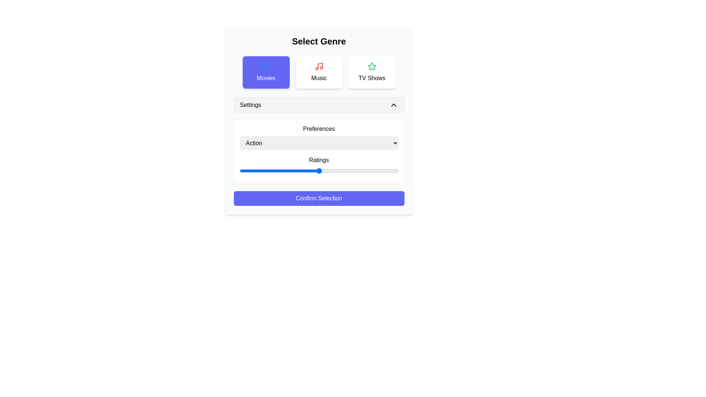 This screenshot has height=397, width=706. What do you see at coordinates (319, 41) in the screenshot?
I see `the Text Header element that serves as a non-interactive title for the section introducing genre selection` at bounding box center [319, 41].